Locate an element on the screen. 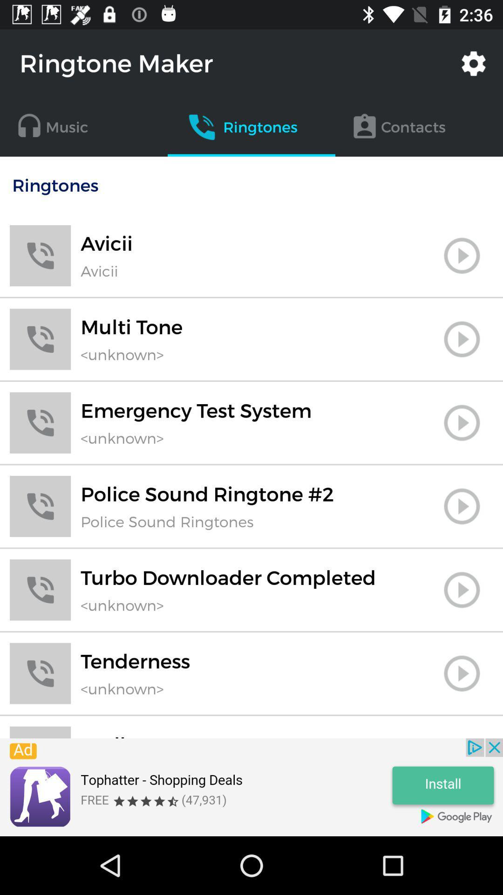 This screenshot has width=503, height=895. music is located at coordinates (462, 338).